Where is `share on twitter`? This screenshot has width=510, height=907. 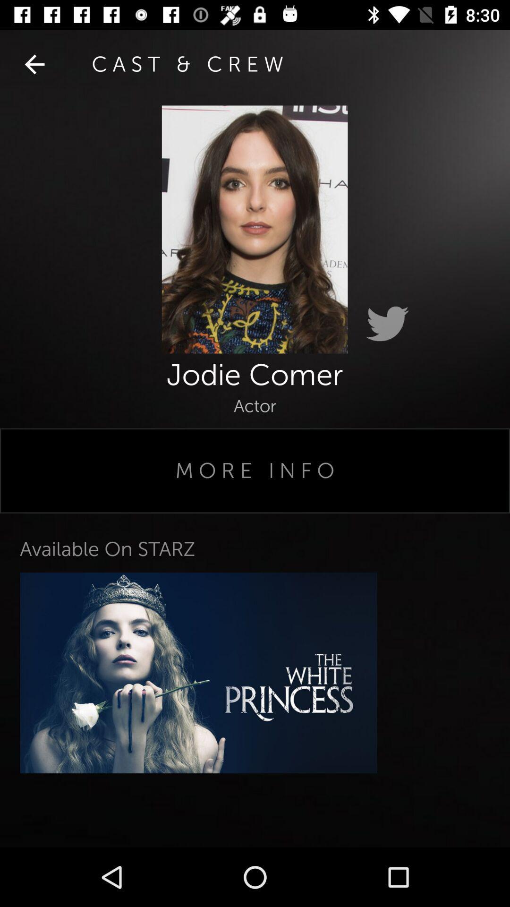
share on twitter is located at coordinates (387, 324).